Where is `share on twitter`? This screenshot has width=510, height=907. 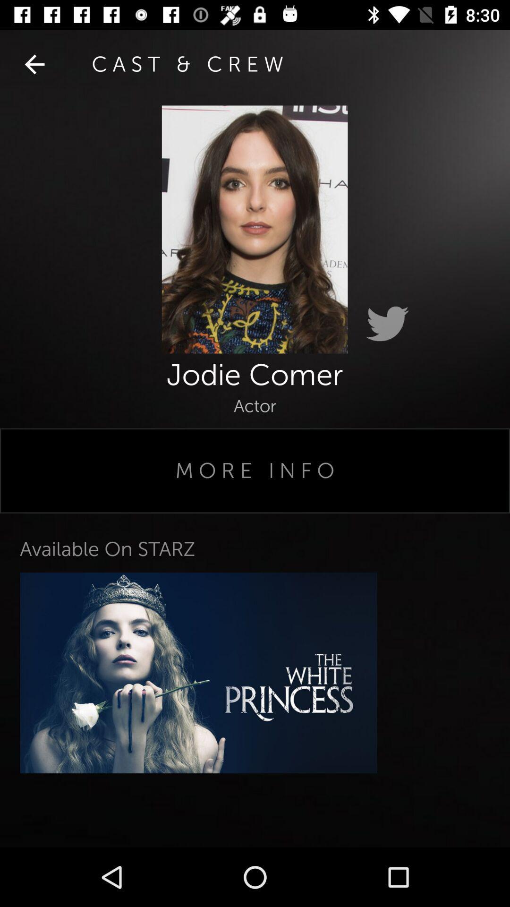
share on twitter is located at coordinates (387, 324).